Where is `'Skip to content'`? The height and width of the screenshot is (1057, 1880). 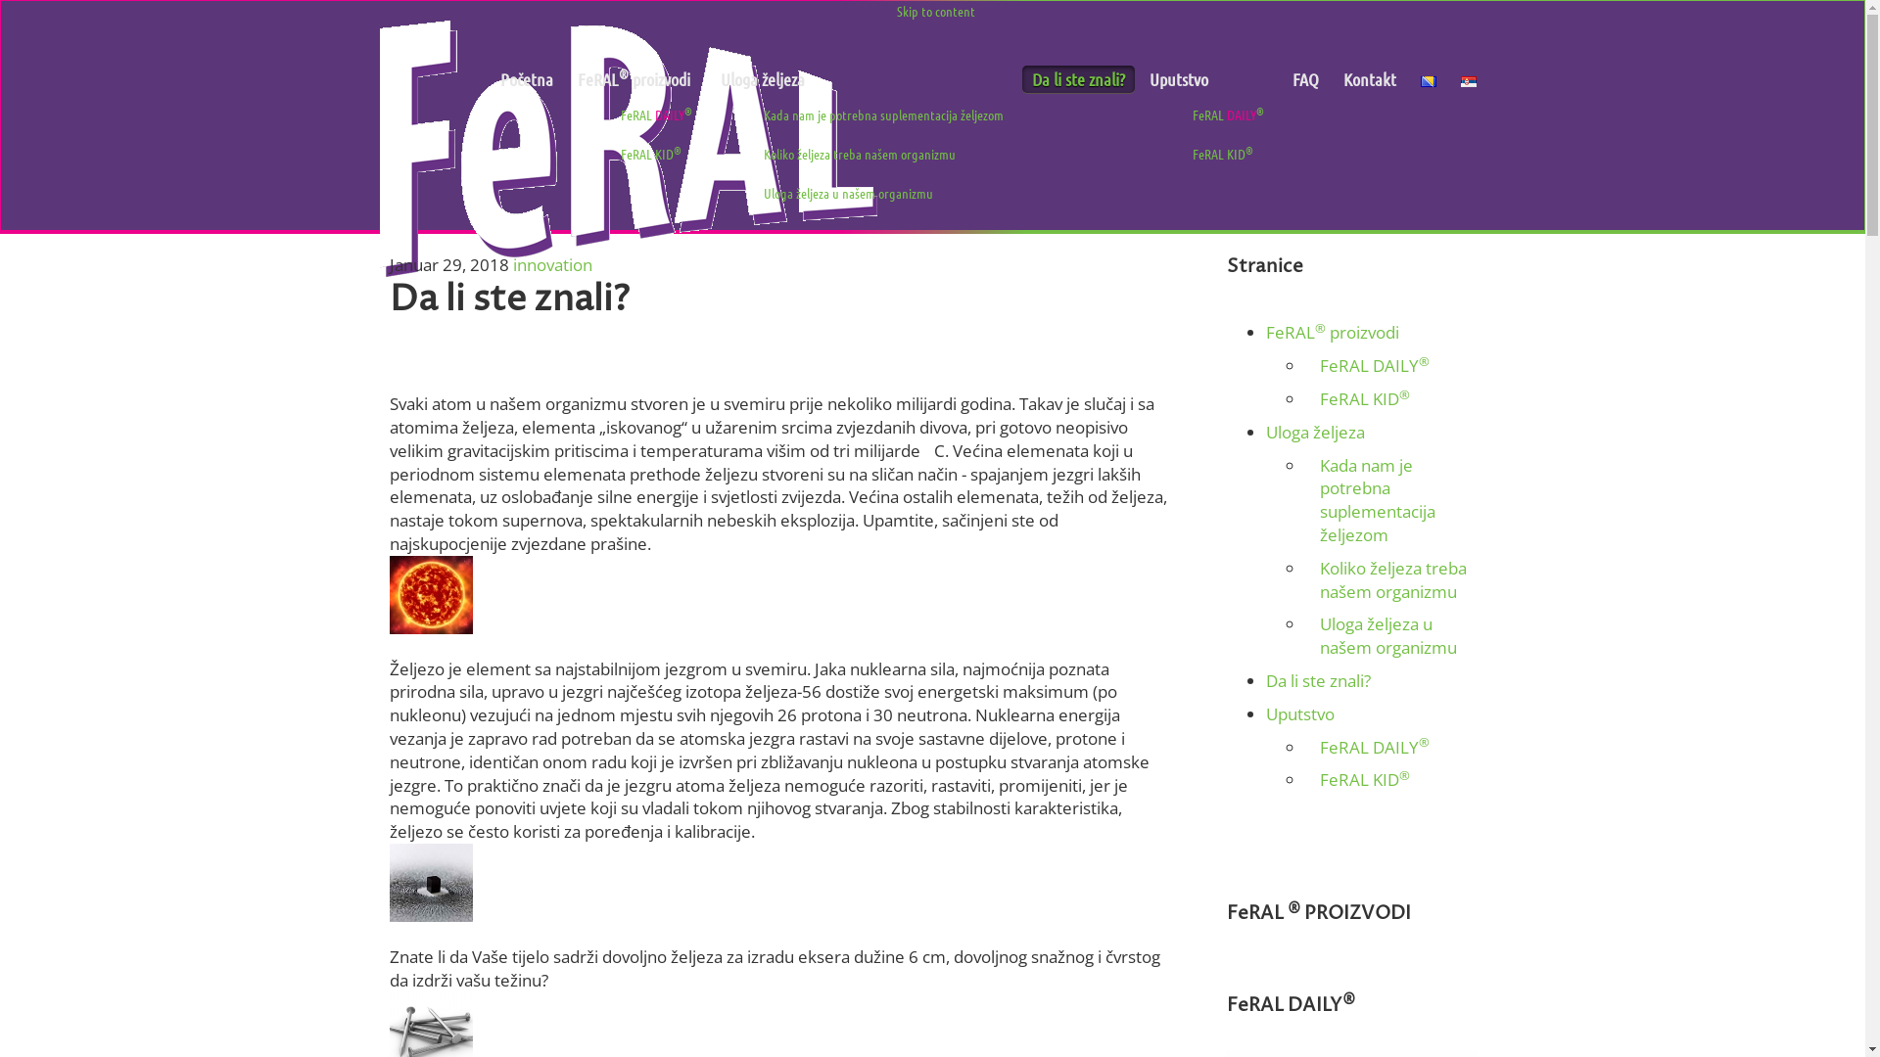 'Skip to content' is located at coordinates (896, 11).